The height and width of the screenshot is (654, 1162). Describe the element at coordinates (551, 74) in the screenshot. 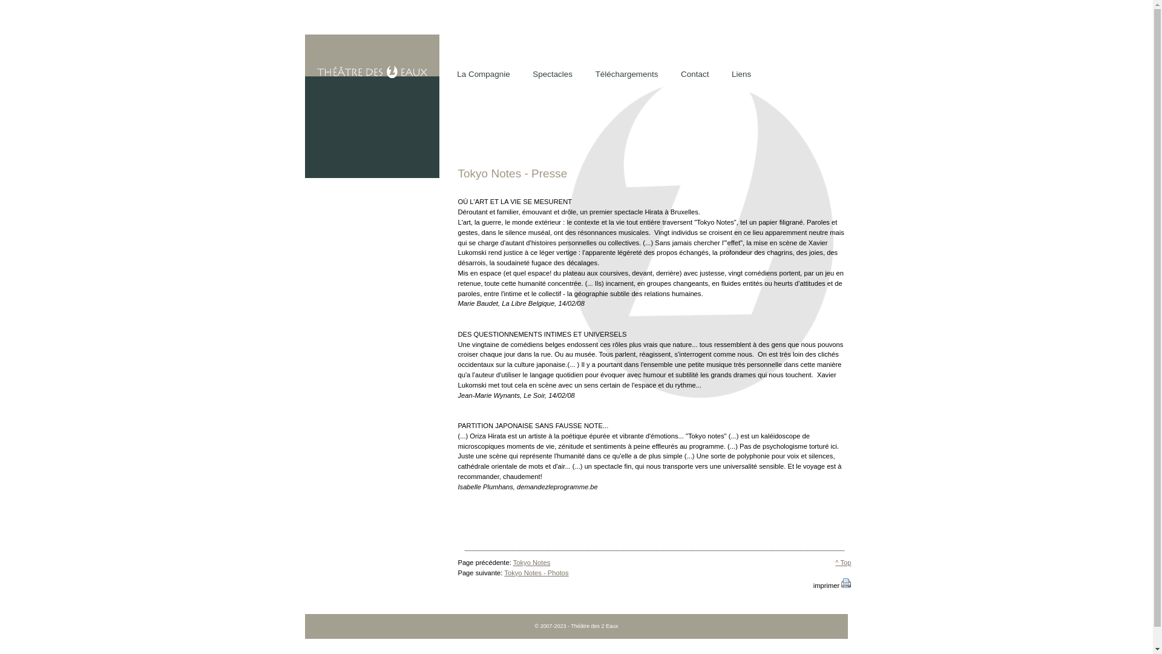

I see `'Spectacles'` at that location.